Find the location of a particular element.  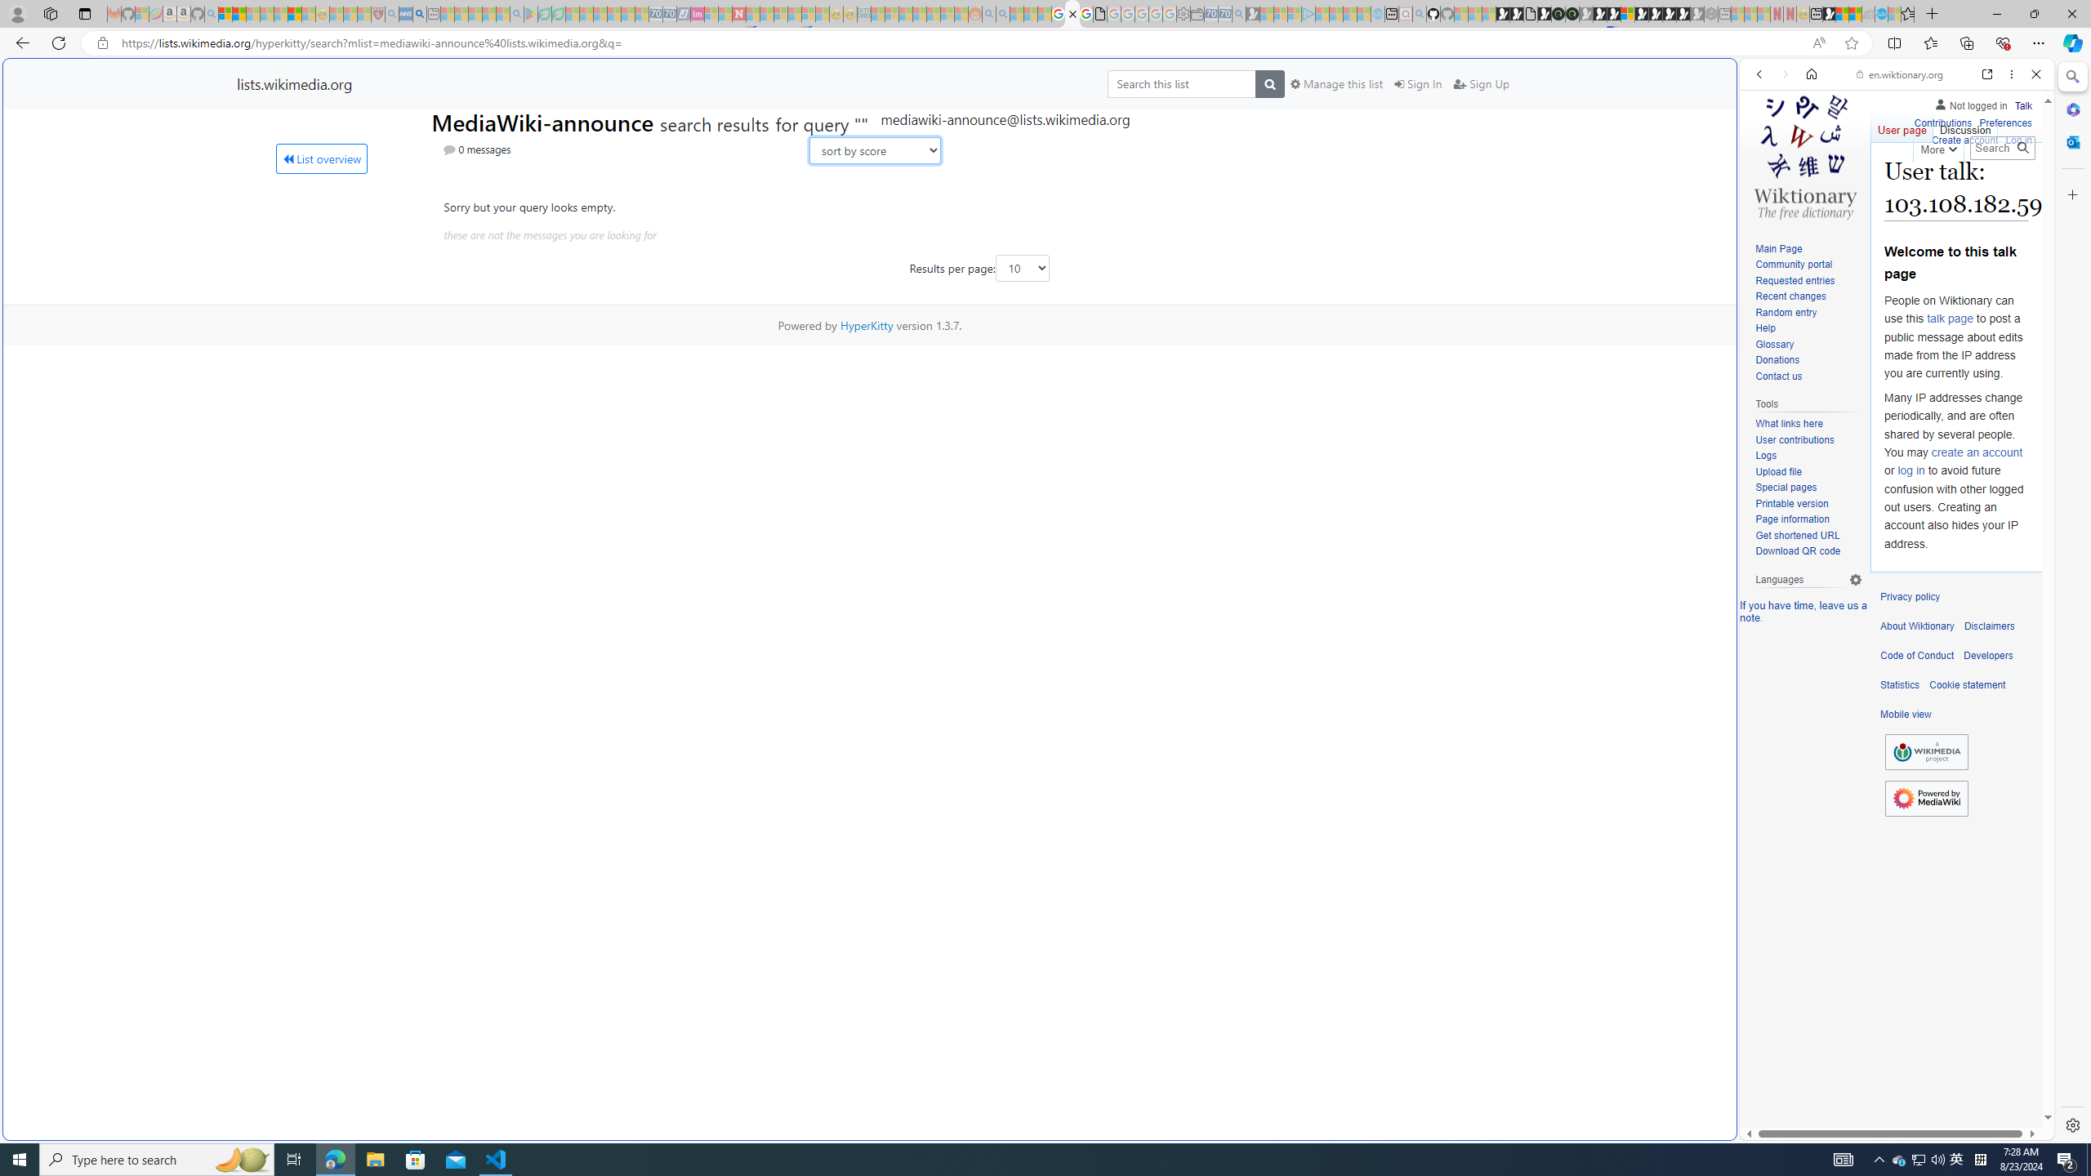

'Donations' is located at coordinates (1808, 360).